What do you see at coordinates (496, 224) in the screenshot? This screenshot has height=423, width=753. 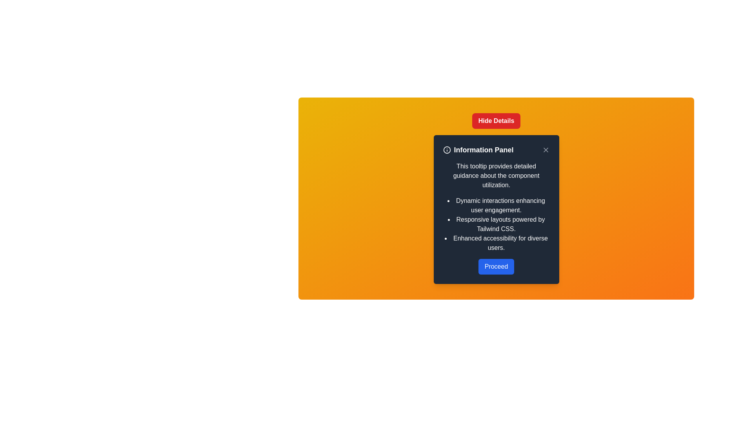 I see `the bulleted list in the tooltip popup panel` at bounding box center [496, 224].